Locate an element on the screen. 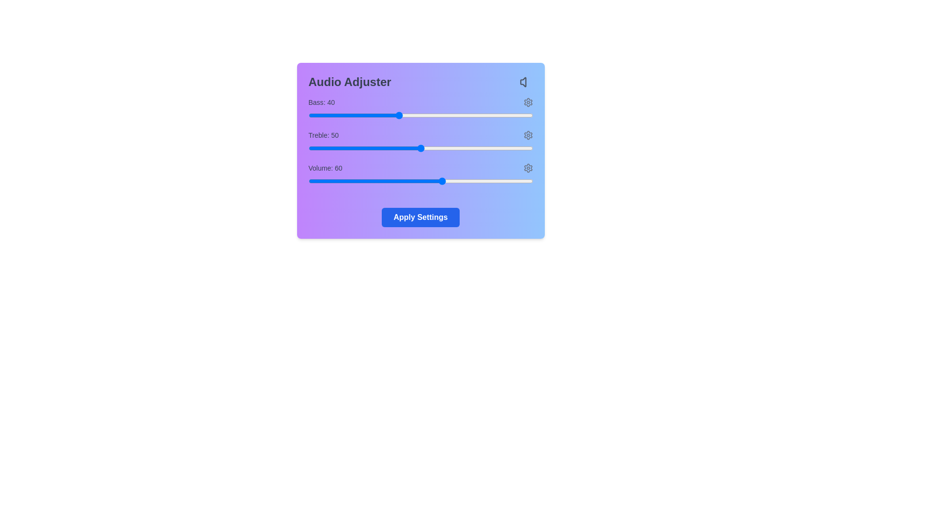 The image size is (929, 522). bass is located at coordinates (330, 111).